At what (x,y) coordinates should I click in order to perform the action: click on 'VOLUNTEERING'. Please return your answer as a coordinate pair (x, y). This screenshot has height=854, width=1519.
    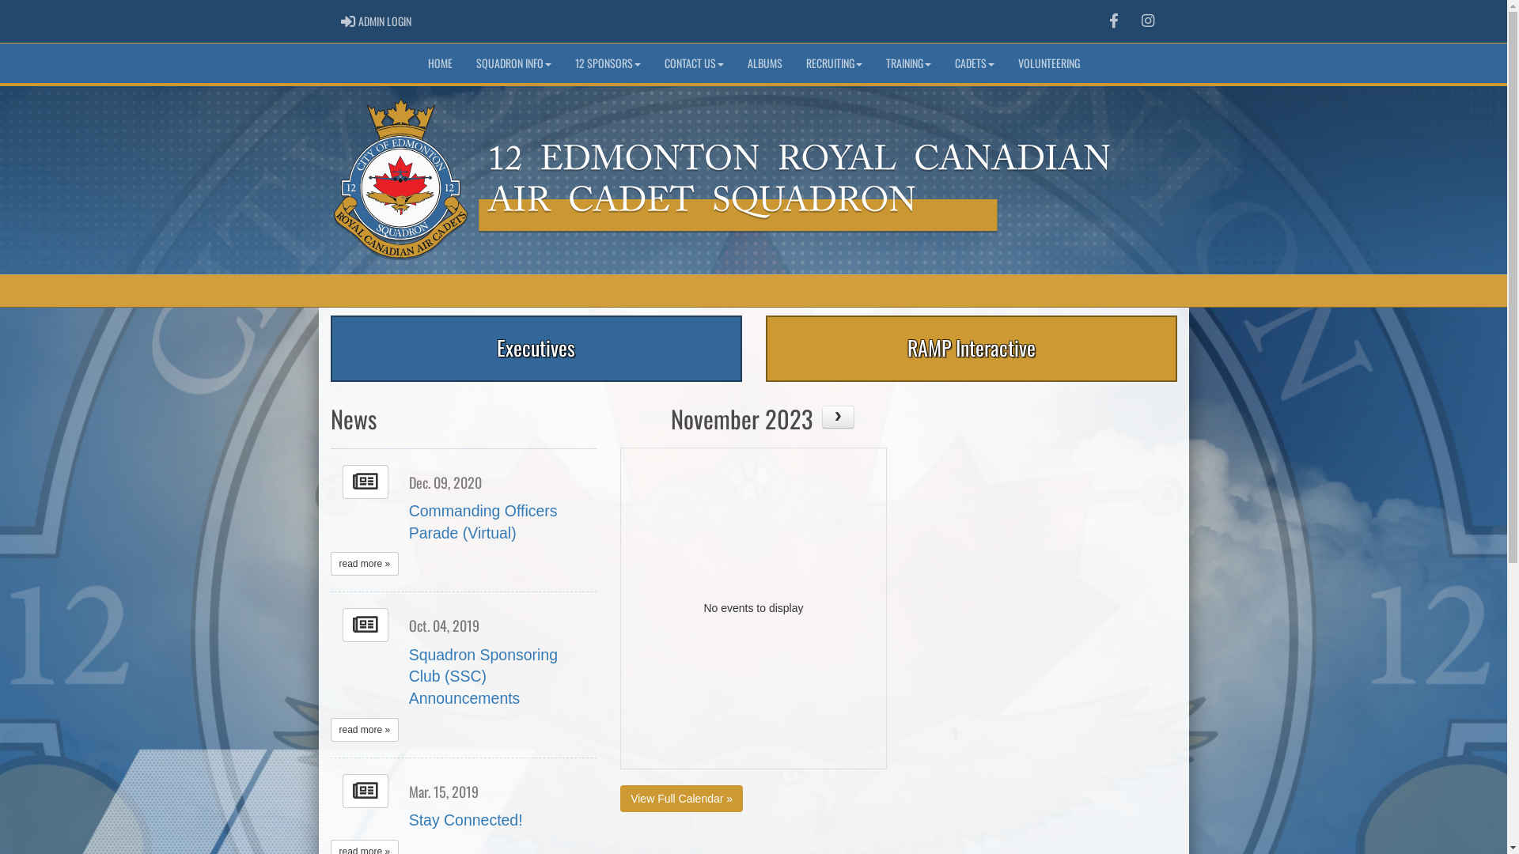
    Looking at the image, I should click on (1048, 62).